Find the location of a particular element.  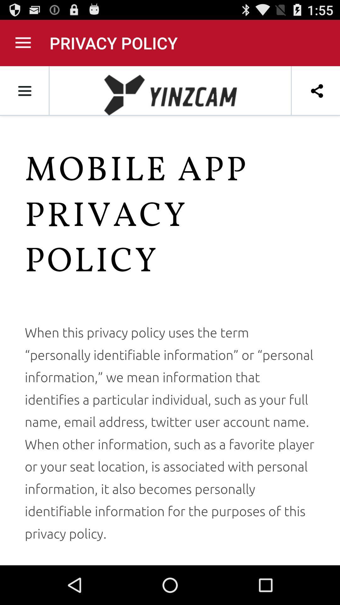

menu icon is located at coordinates (23, 43).